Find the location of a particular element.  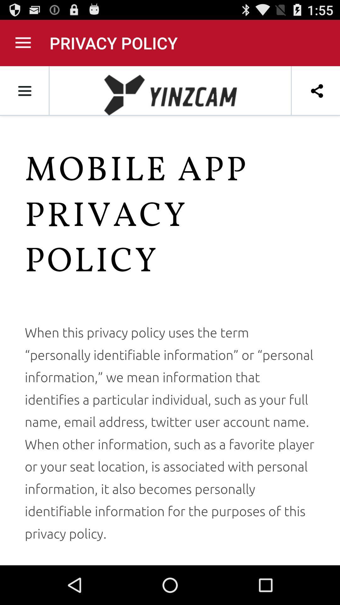

menu icon is located at coordinates (23, 43).